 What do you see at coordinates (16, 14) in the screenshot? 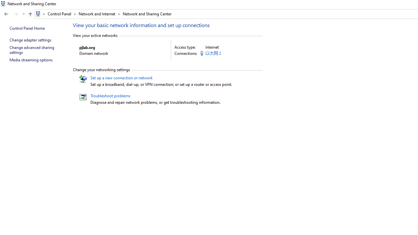
I see `'Forward (Alt + Right Arrow)'` at bounding box center [16, 14].